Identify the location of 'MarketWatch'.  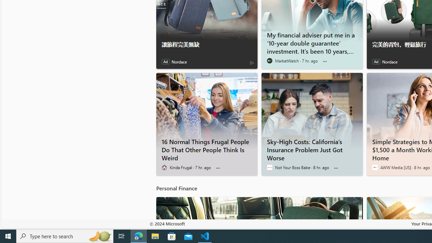
(269, 61).